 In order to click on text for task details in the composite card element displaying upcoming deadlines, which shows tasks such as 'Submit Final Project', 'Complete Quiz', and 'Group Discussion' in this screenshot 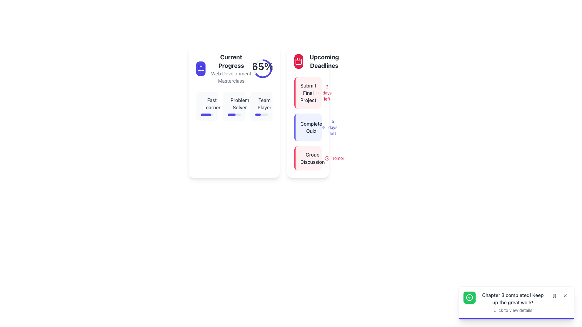, I will do `click(308, 123)`.